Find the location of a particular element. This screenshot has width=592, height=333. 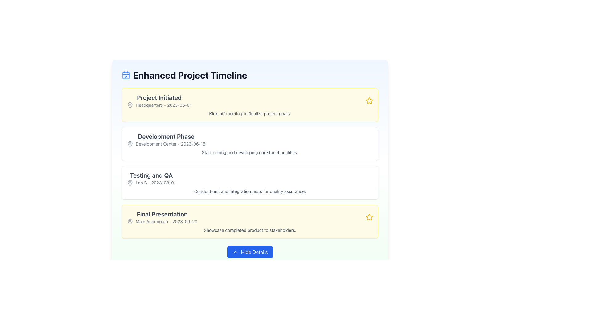

the pin icon located in the timeline interface under the 'Project Initiated' section beside the text 'Headquarters - 2023-05-01' is located at coordinates (130, 104).